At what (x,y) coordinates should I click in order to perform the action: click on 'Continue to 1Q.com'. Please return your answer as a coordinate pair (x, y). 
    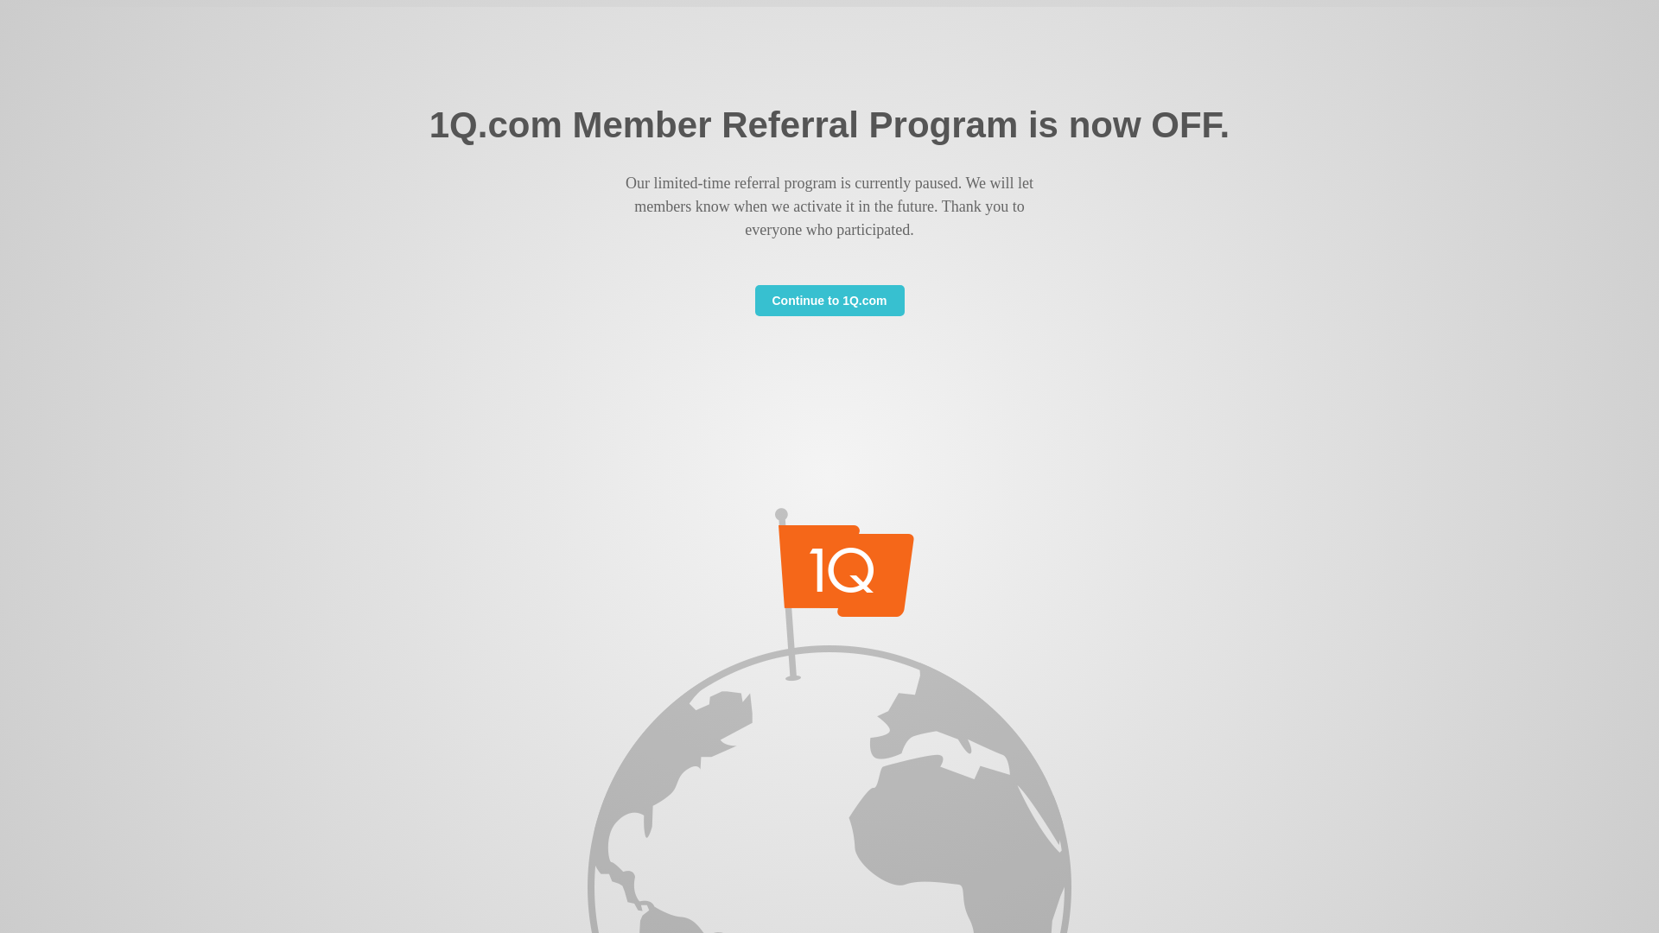
    Looking at the image, I should click on (829, 299).